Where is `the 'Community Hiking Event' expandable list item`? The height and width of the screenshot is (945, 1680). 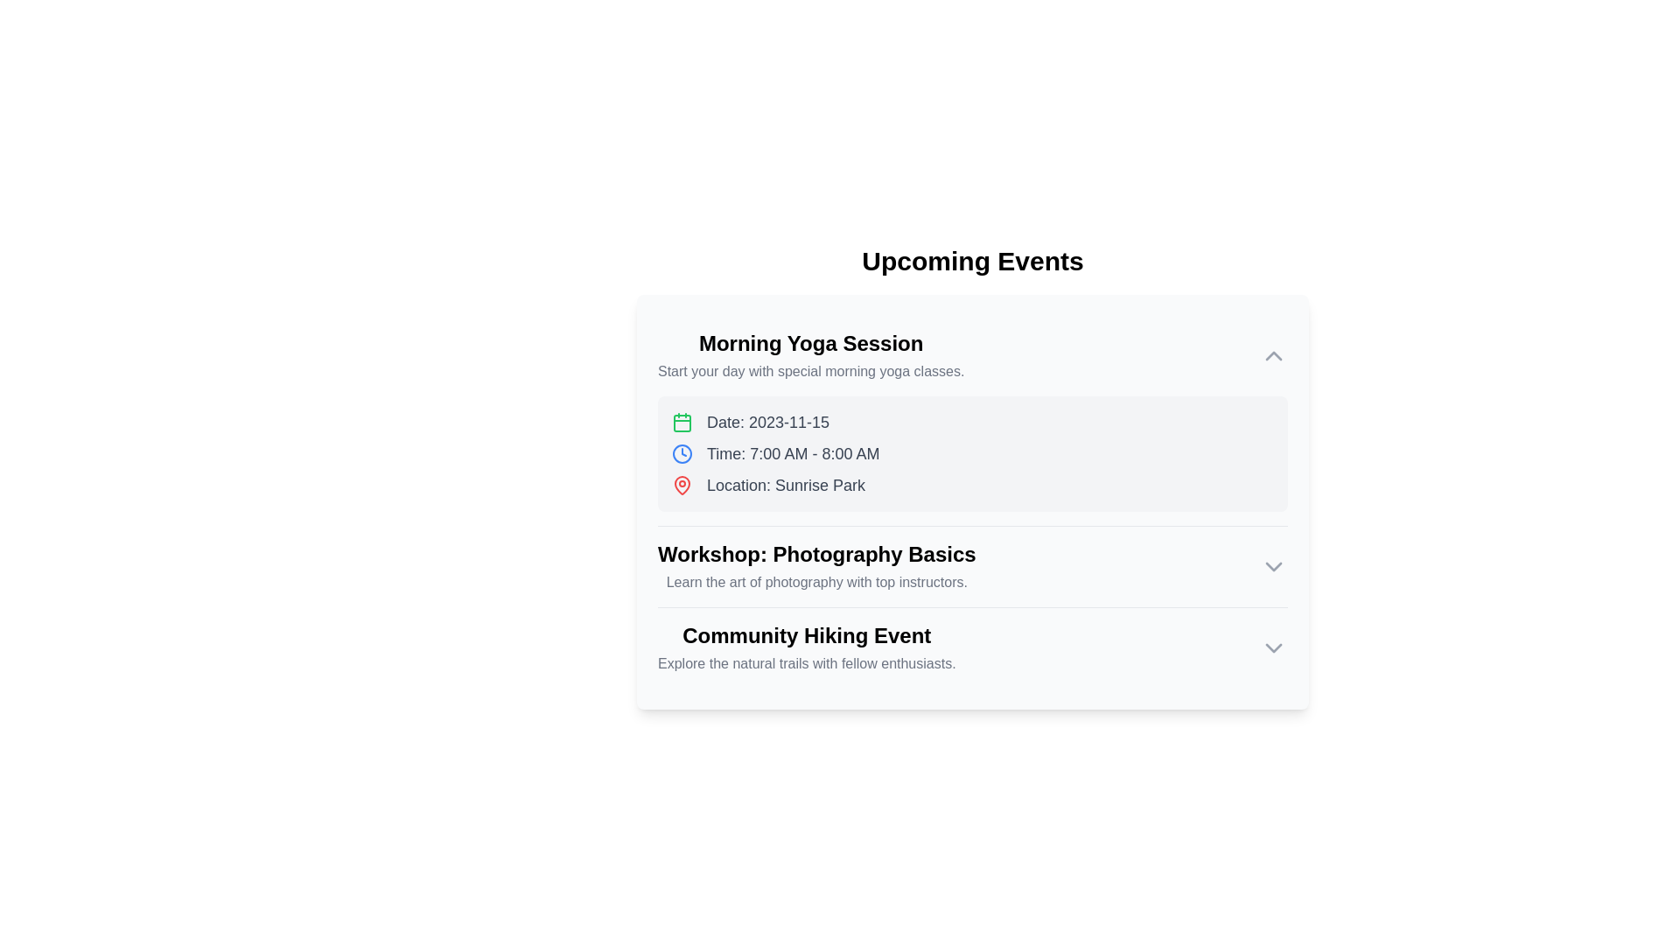 the 'Community Hiking Event' expandable list item is located at coordinates (972, 647).